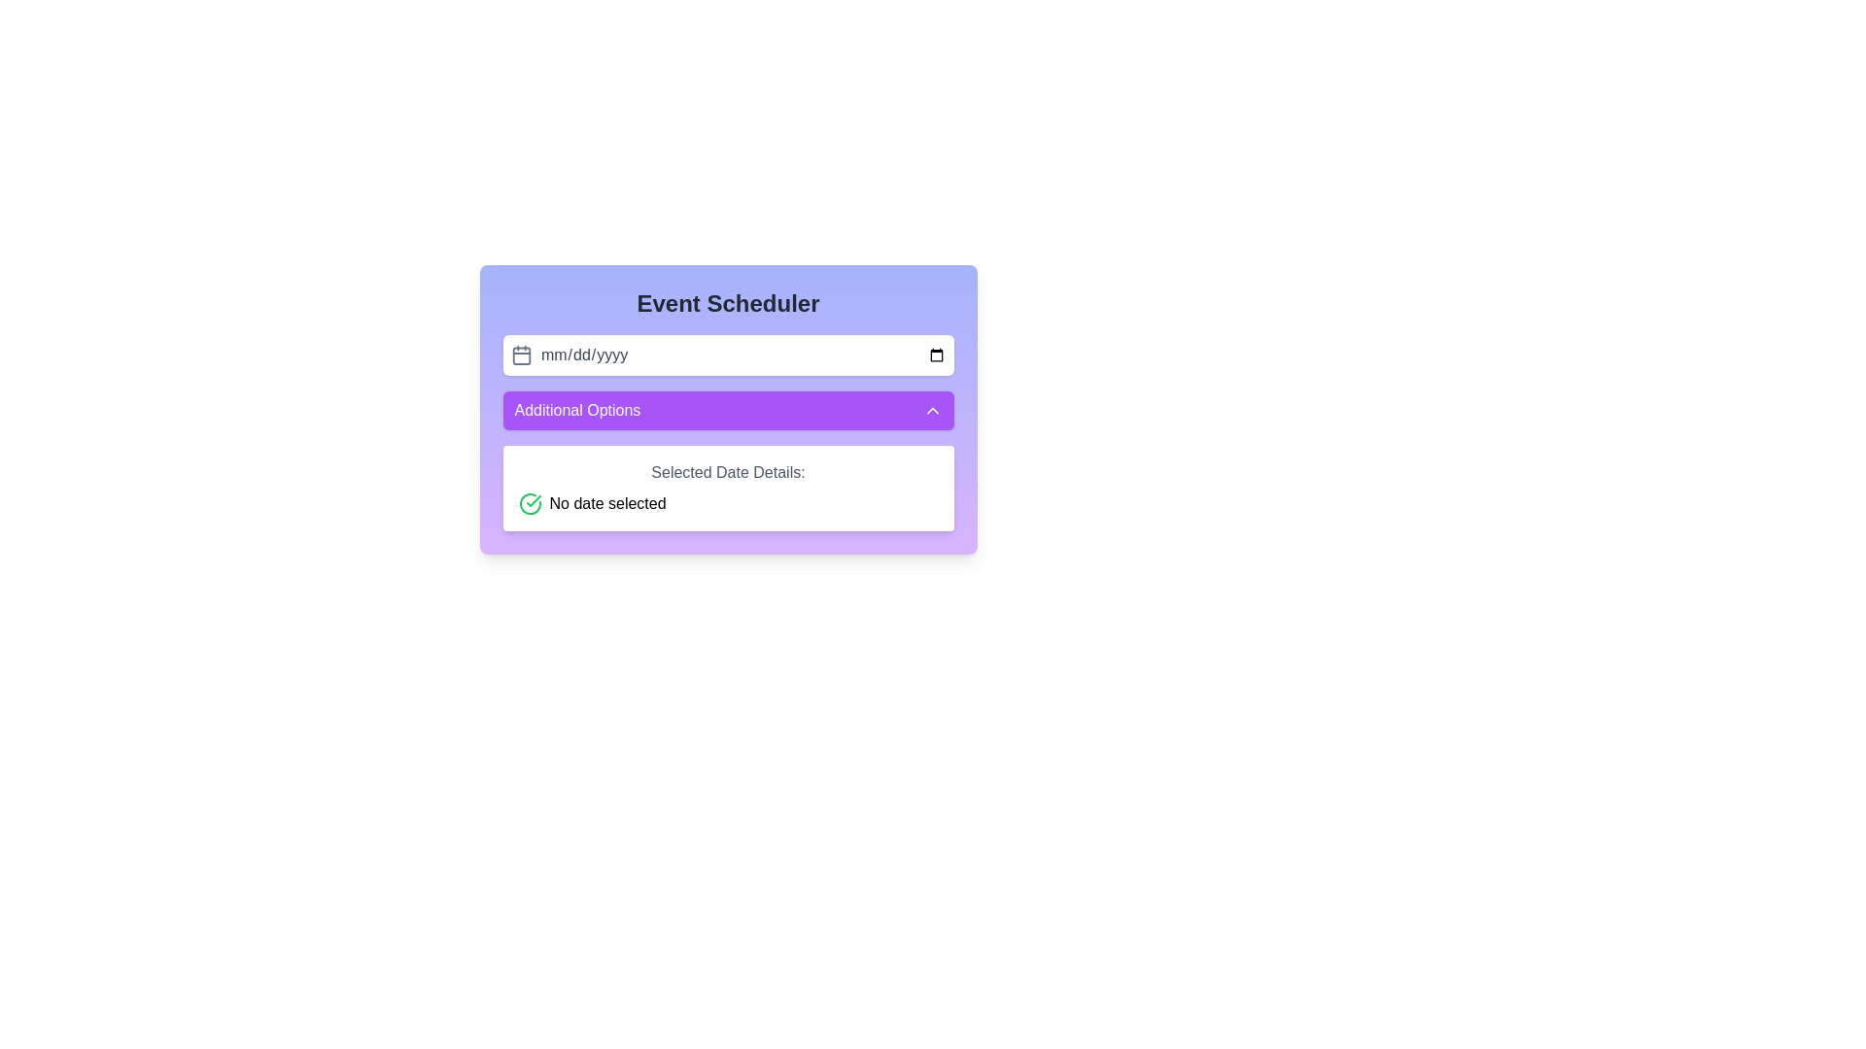  Describe the element at coordinates (576, 410) in the screenshot. I see `the Text Label in the 'Event Scheduler' interface that indicates the purpose of the expandable section, located to the left of an upward chevron icon` at that location.